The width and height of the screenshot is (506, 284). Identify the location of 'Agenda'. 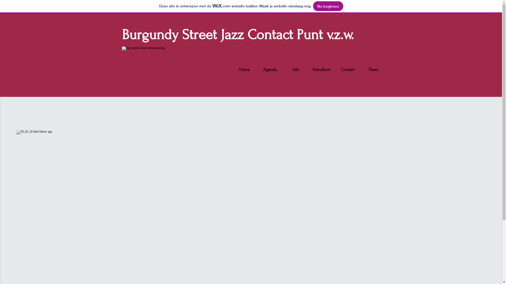
(257, 69).